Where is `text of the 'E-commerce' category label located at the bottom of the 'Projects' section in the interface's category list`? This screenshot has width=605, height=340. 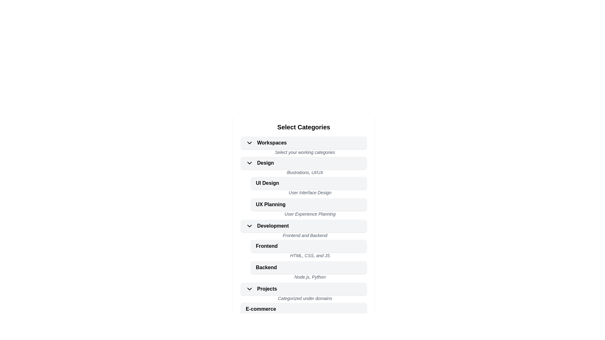
text of the 'E-commerce' category label located at the bottom of the 'Projects' section in the interface's category list is located at coordinates (261, 309).